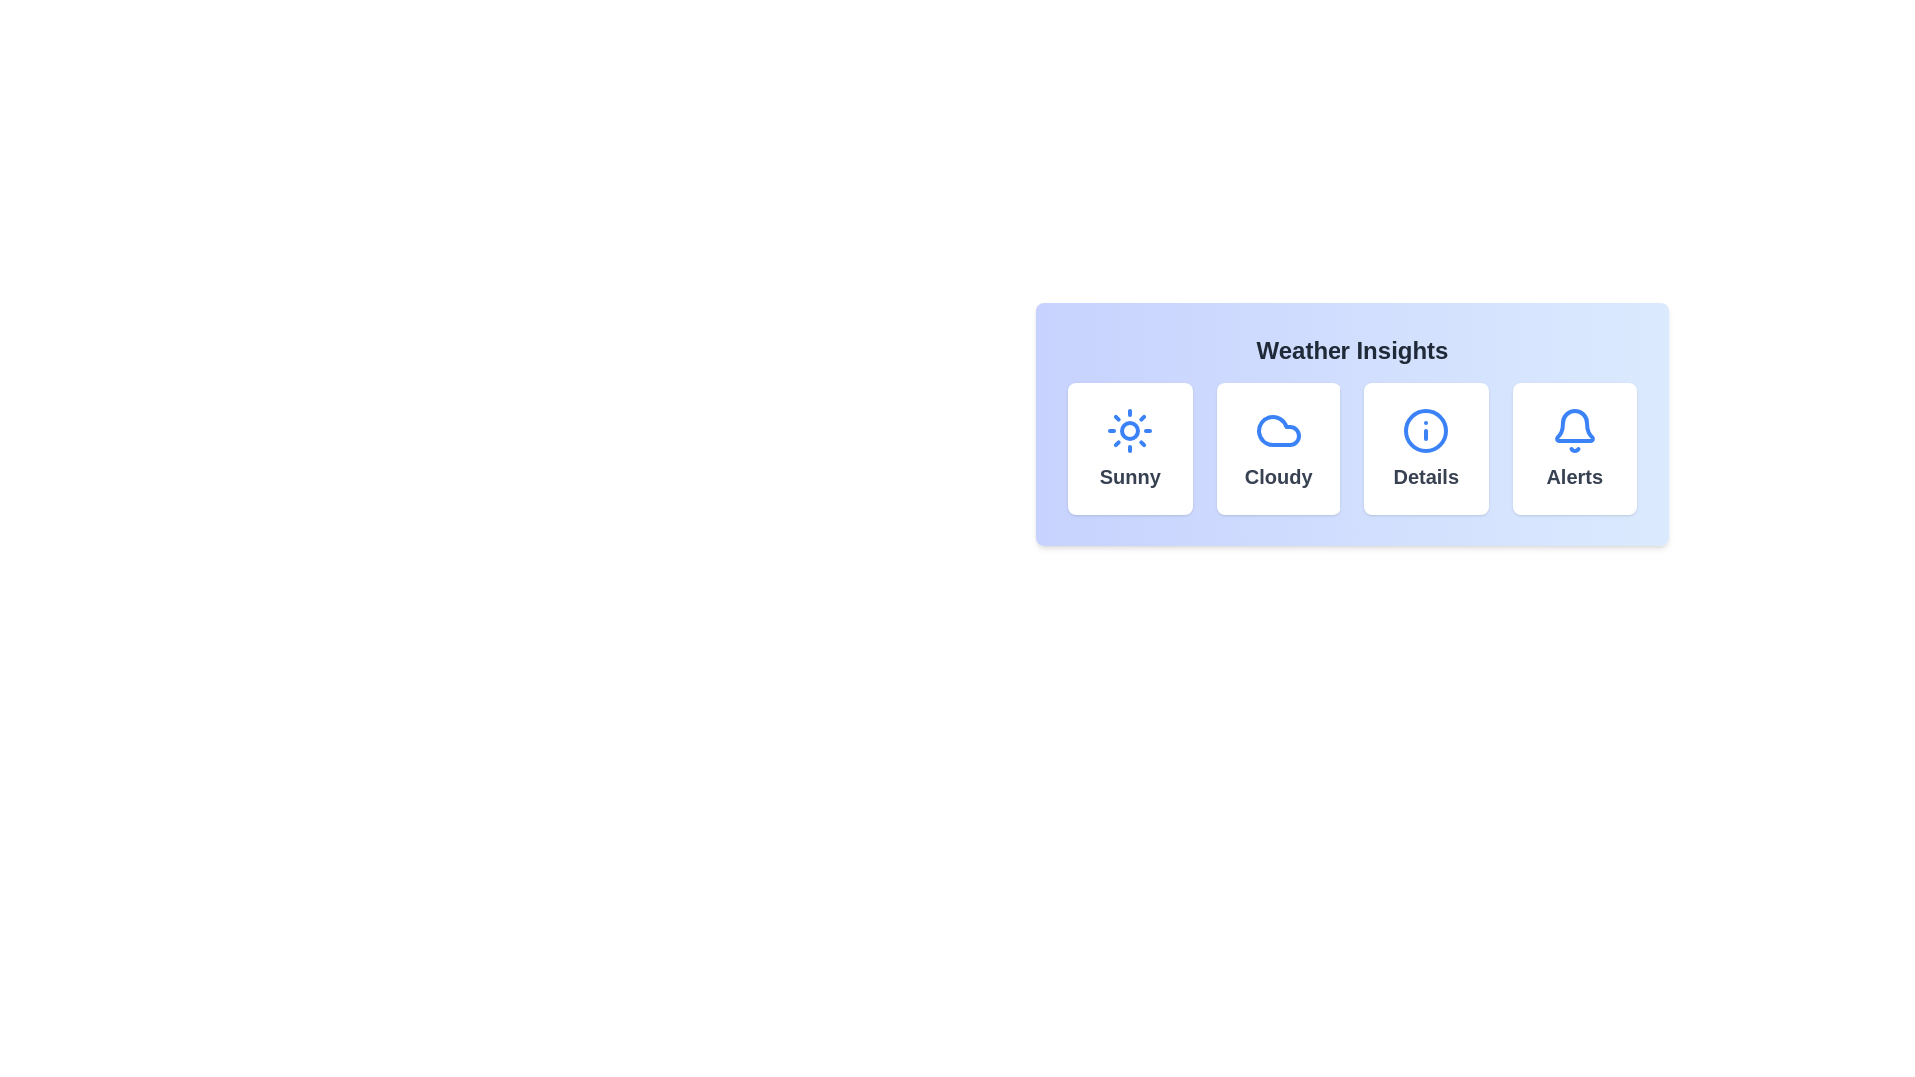  I want to click on the text label displaying 'Cloudy', which is located in the second card from the left in a horizontal row of weather cards, so click(1278, 477).